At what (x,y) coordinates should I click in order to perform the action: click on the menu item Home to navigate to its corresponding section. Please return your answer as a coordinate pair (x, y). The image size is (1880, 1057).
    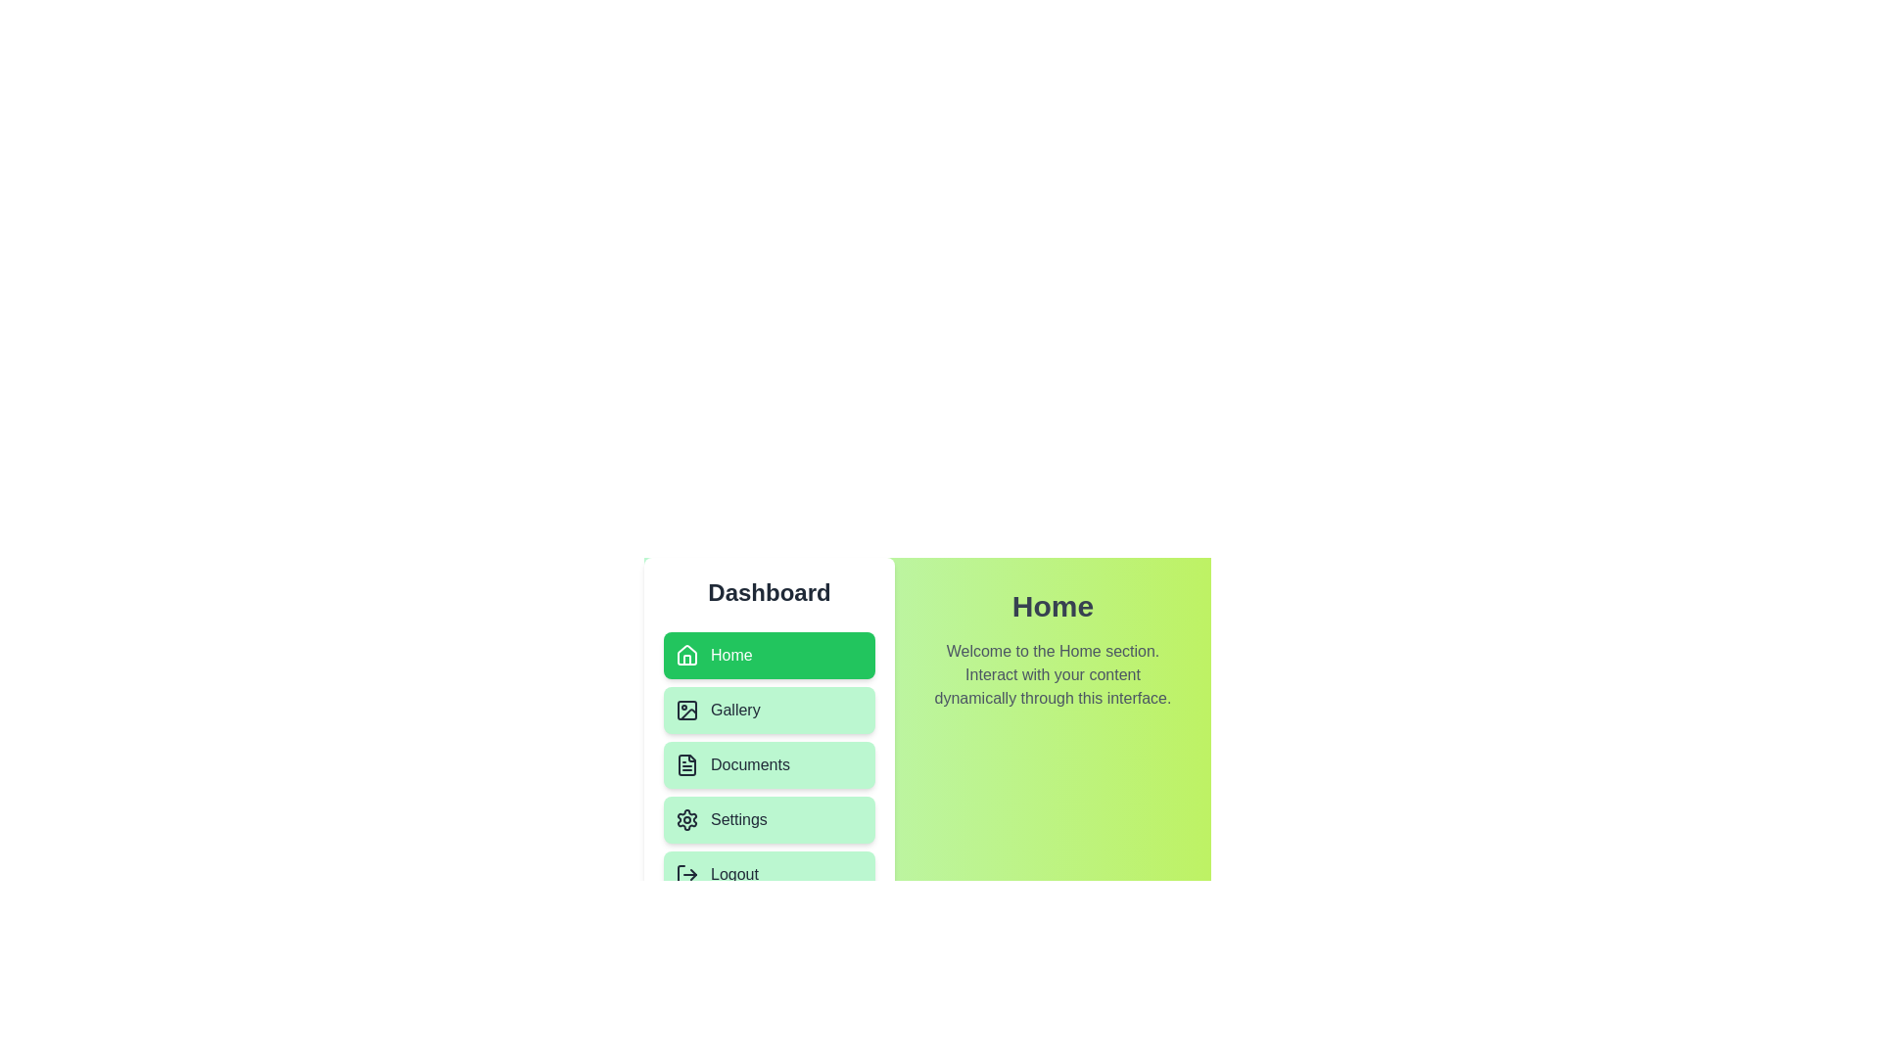
    Looking at the image, I should click on (769, 656).